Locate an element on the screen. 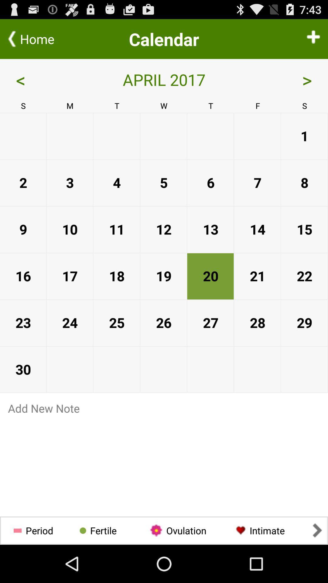 The height and width of the screenshot is (583, 328). addition to calendar is located at coordinates (313, 39).